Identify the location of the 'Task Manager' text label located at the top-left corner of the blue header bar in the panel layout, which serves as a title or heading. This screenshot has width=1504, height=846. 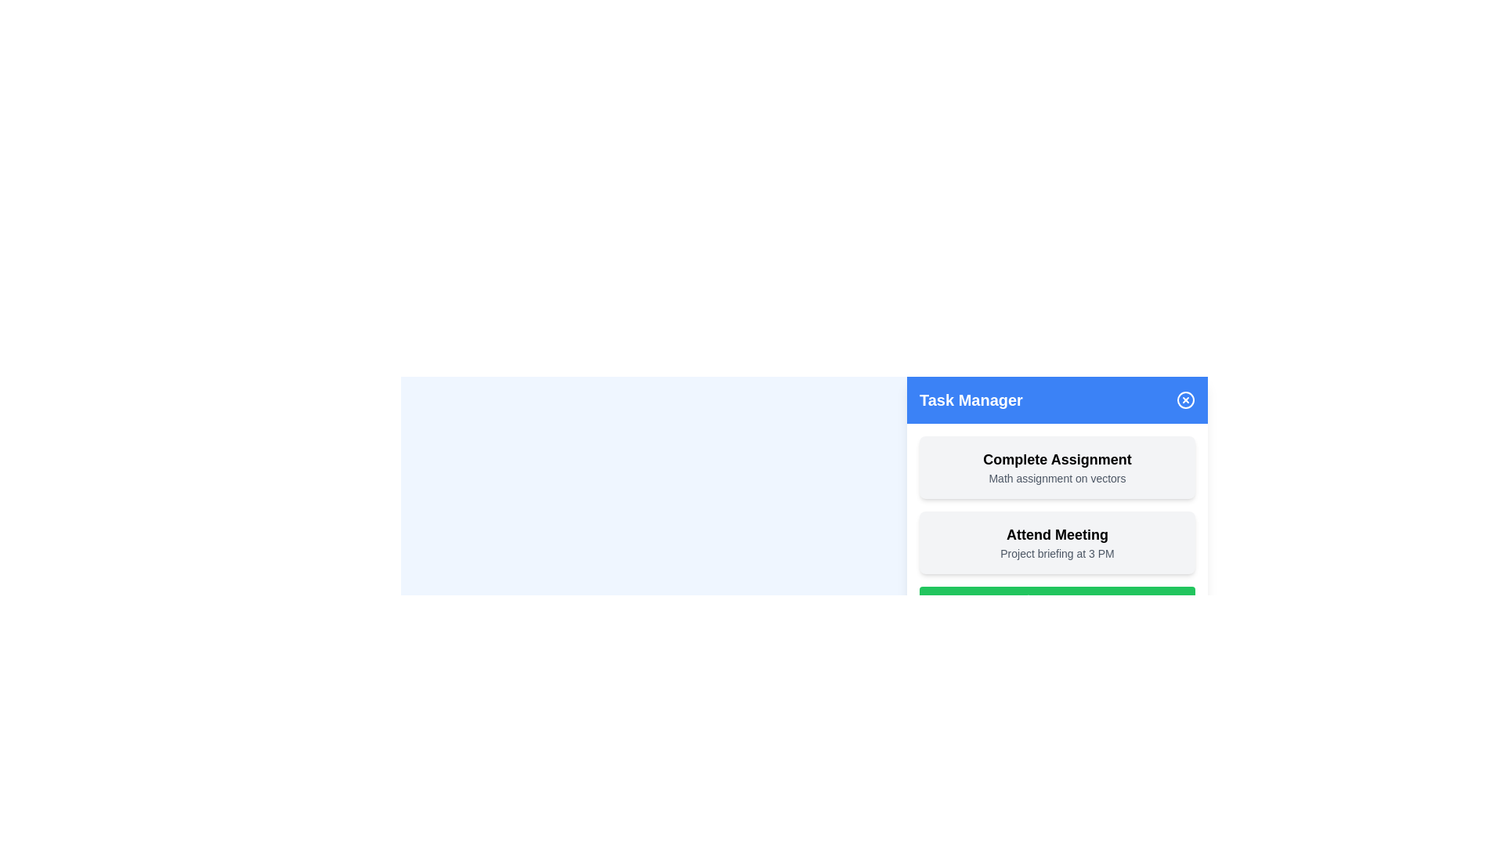
(970, 399).